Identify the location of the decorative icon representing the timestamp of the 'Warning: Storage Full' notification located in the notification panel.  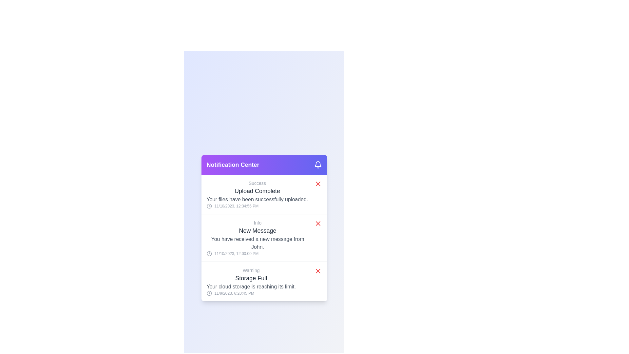
(209, 293).